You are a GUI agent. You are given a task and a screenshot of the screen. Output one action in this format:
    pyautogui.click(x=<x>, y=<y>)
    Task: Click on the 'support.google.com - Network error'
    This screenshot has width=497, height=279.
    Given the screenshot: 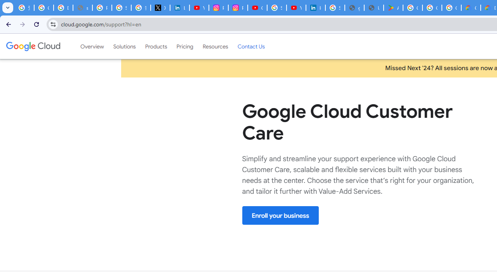 What is the action you would take?
    pyautogui.click(x=83, y=8)
    